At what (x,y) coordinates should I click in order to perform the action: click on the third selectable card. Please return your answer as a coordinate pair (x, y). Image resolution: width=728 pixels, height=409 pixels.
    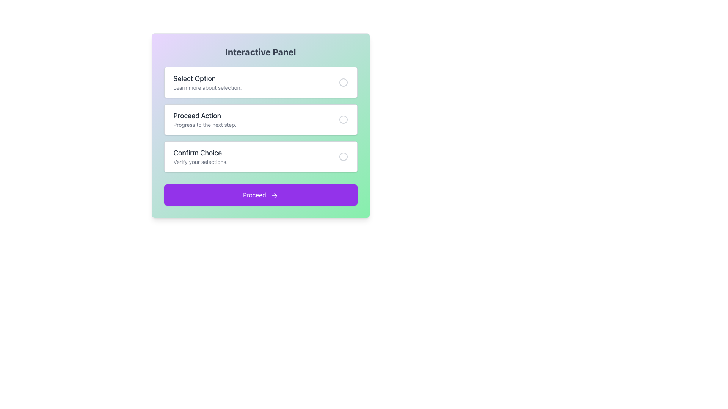
    Looking at the image, I should click on (260, 156).